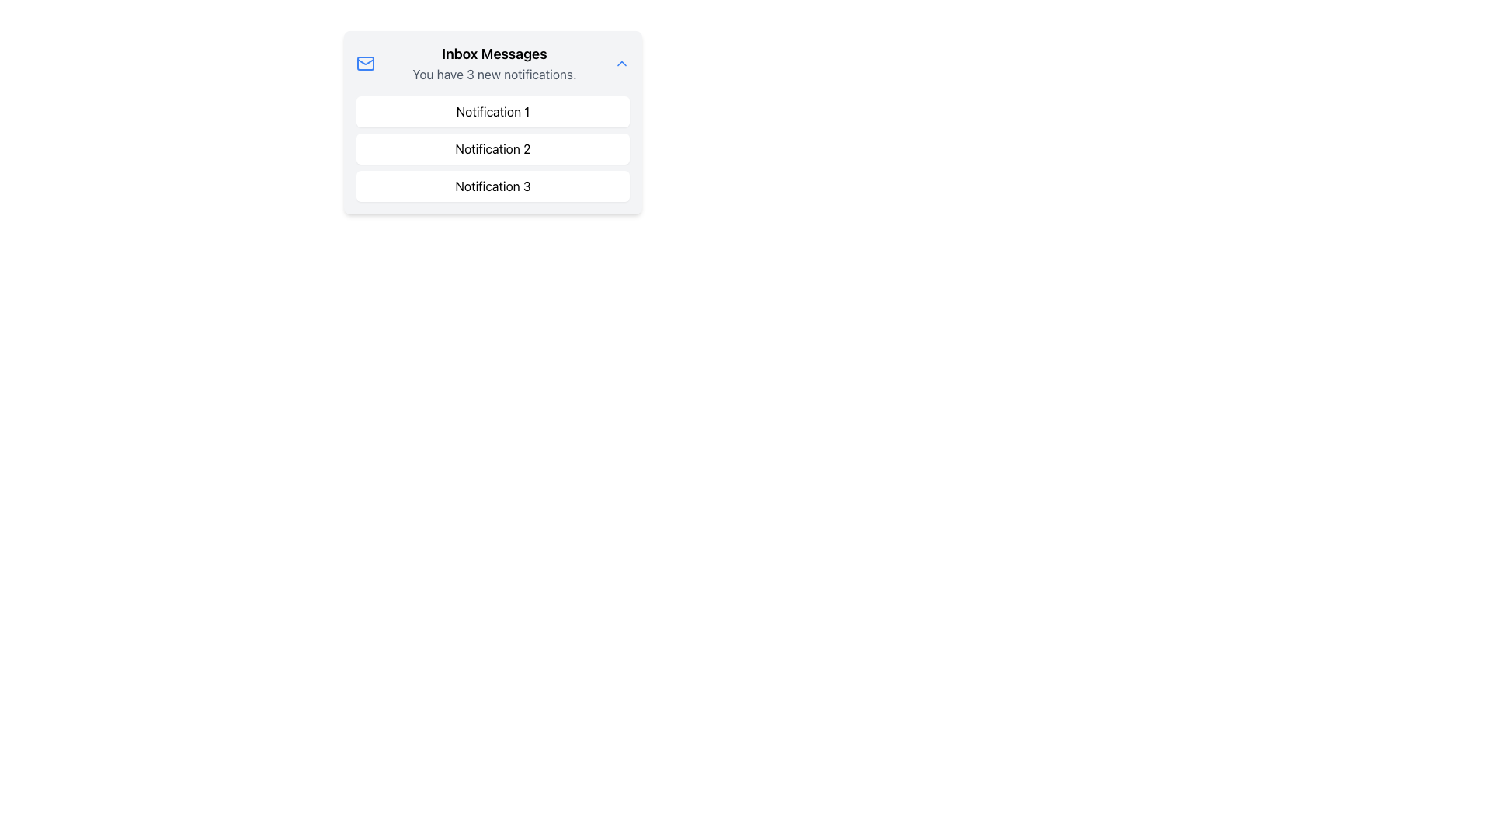  Describe the element at coordinates (494, 62) in the screenshot. I see `the Textual Header displaying 'Inbox Messages' and 'You have 3 new notifications.'` at that location.